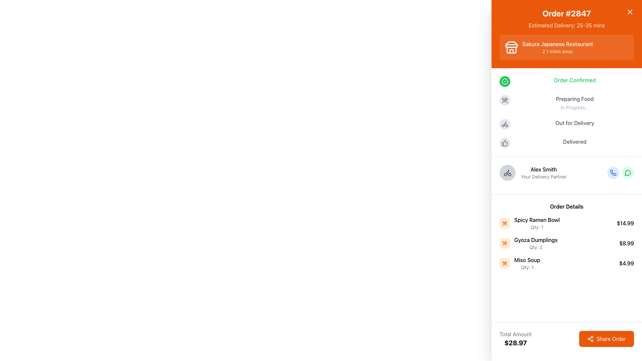 This screenshot has height=361, width=642. What do you see at coordinates (515, 339) in the screenshot?
I see `the Informational Text Display that shows 'Total Amount' and the monetary value '$28.97' located in the lower-left section of the interface` at bounding box center [515, 339].